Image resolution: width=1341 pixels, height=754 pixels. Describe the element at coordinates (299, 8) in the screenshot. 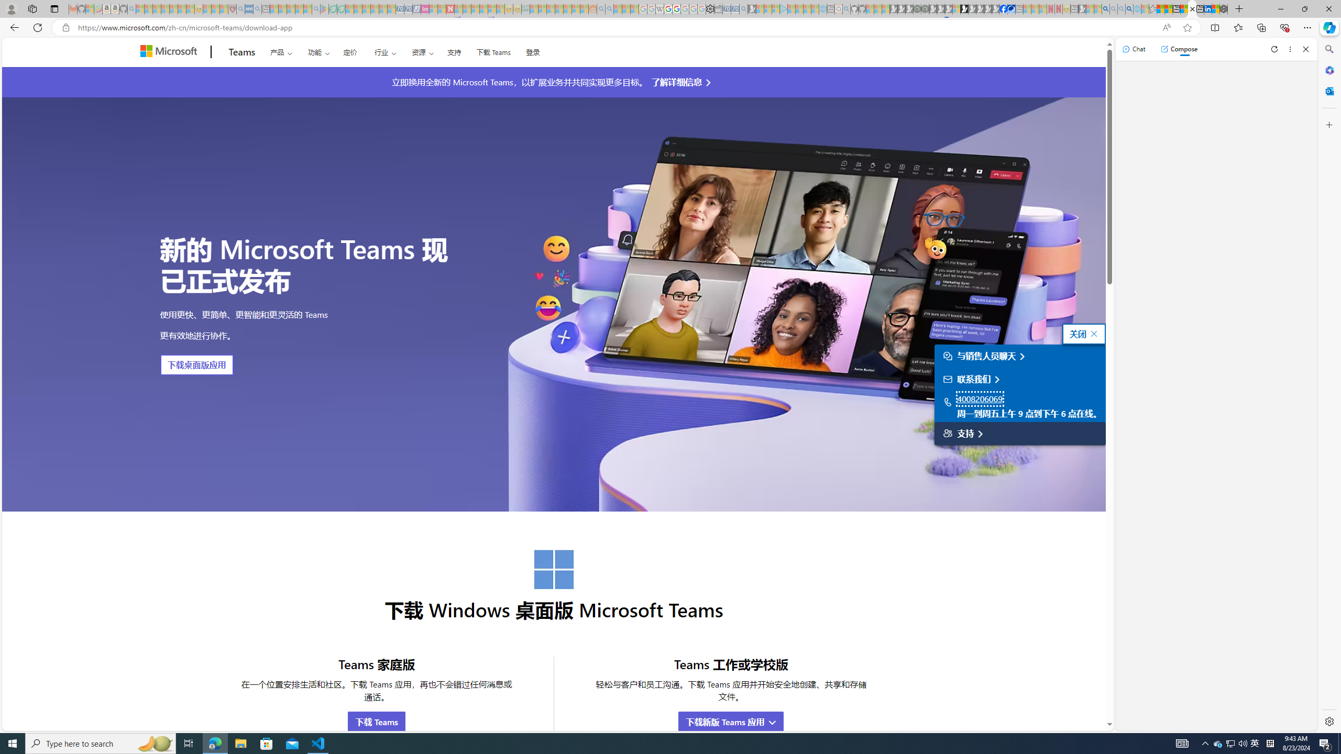

I see `'Pets - MSN - Sleeping'` at that location.